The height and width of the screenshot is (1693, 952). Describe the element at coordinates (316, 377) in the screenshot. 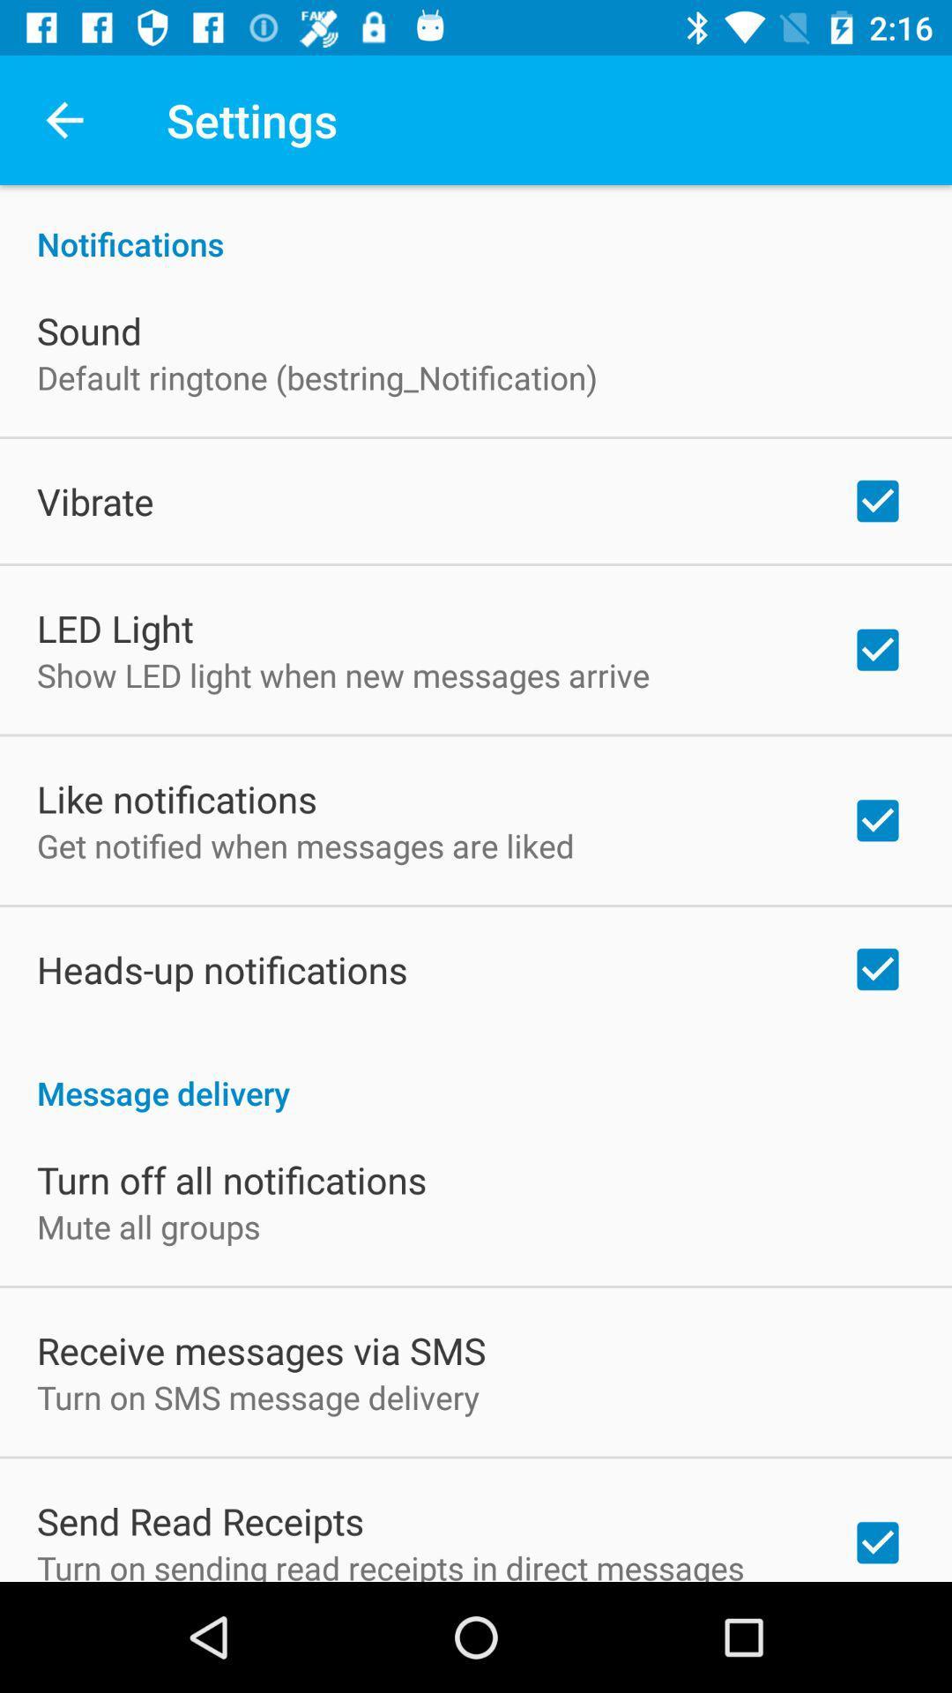

I see `icon above the vibrate` at that location.